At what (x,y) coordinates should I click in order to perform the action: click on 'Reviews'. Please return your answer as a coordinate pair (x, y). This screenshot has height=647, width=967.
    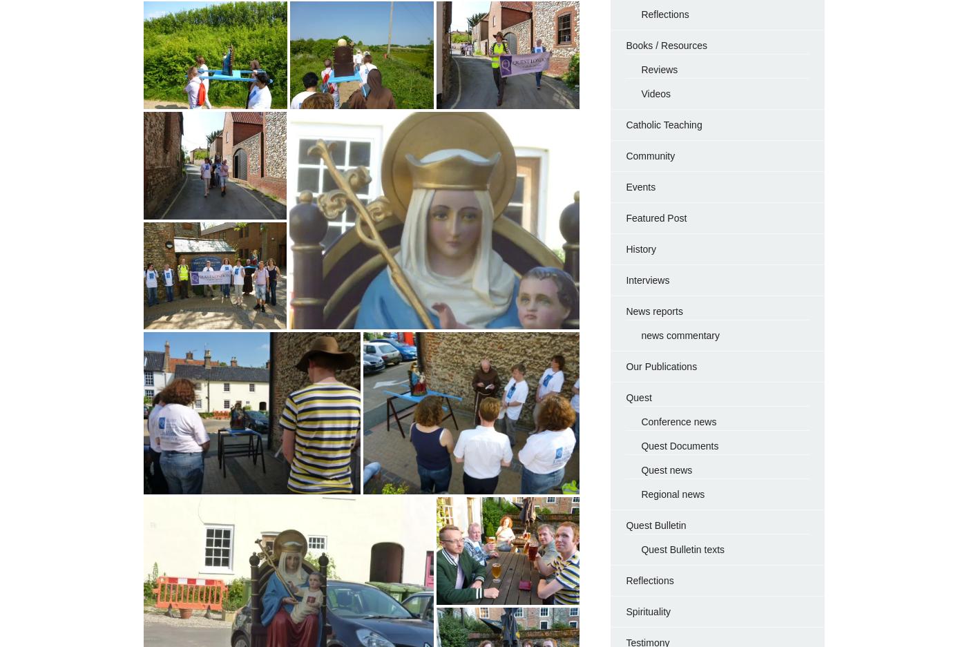
    Looking at the image, I should click on (658, 68).